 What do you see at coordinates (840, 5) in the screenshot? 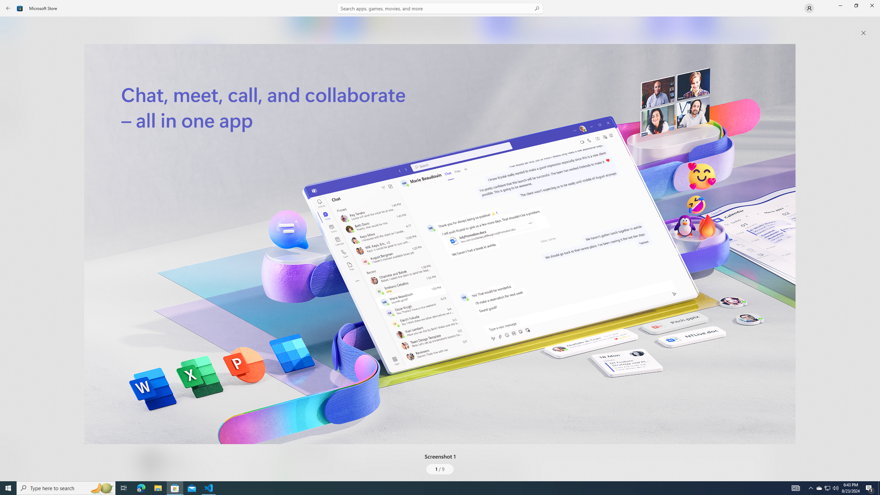
I see `'Minimize Microsoft Store'` at bounding box center [840, 5].